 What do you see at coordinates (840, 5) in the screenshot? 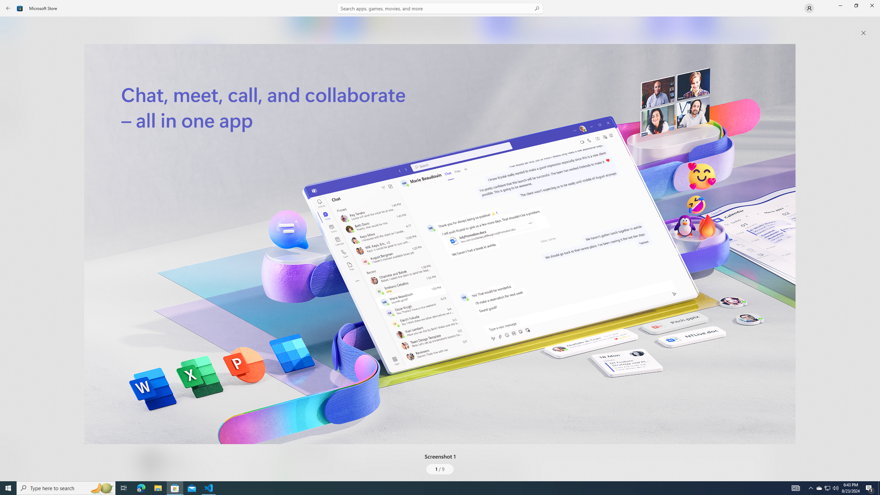
I see `'Minimize Microsoft Store'` at bounding box center [840, 5].